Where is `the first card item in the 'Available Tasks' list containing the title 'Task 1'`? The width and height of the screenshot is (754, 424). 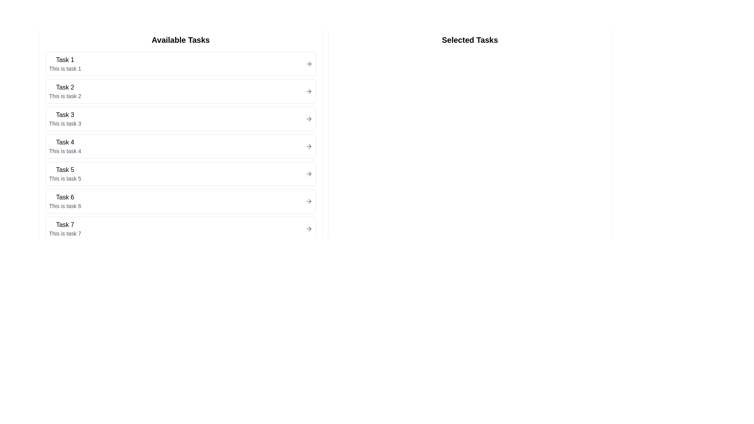 the first card item in the 'Available Tasks' list containing the title 'Task 1' is located at coordinates (65, 63).